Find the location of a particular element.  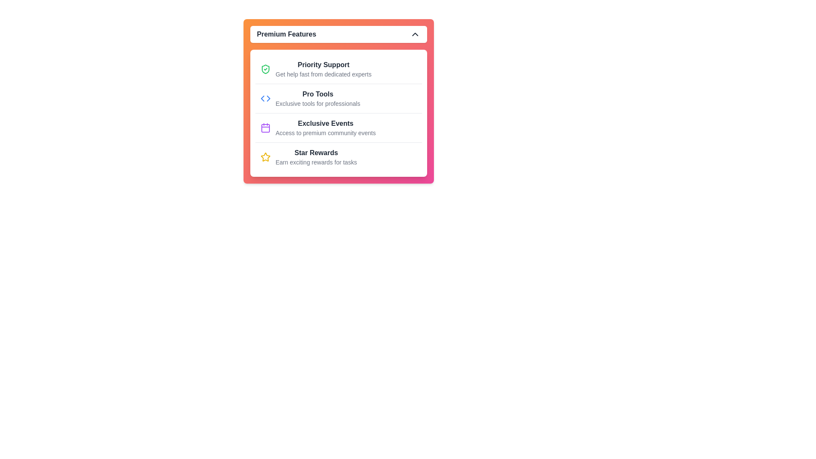

text content of the 'Exclusive Events' label, which is styled in bold dark gray and is part of the 'Premium Features' section is located at coordinates (325, 123).